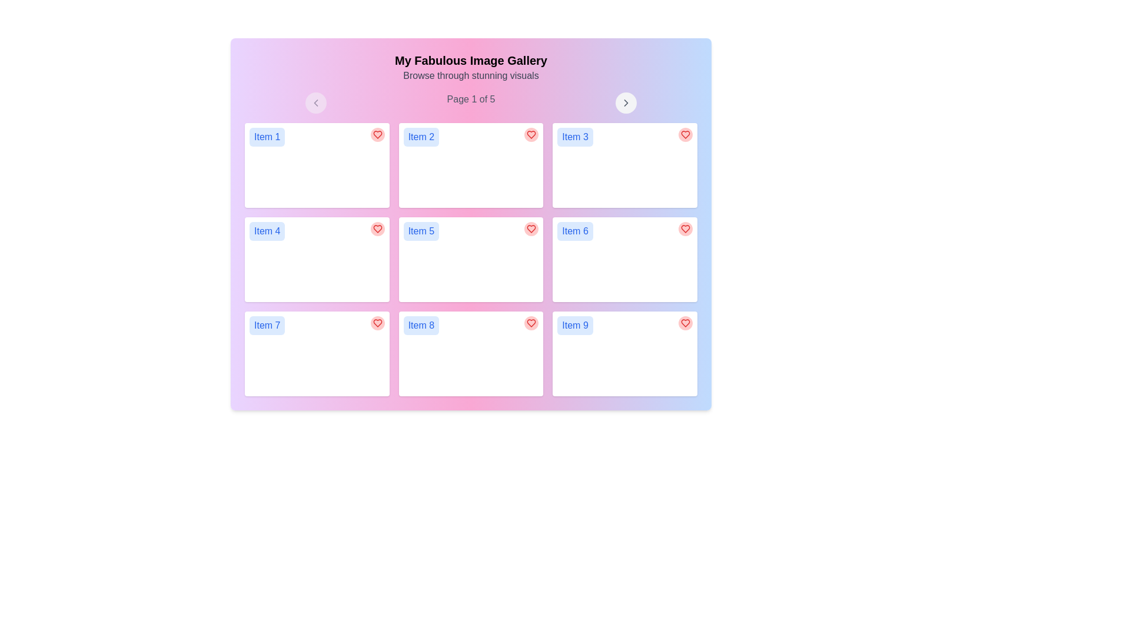 This screenshot has height=636, width=1130. I want to click on the Text Label displaying 'Item 5' with blue text on a light blue rounded rectangular background, located in the second row and second column of a 3x3 grid, so click(421, 231).